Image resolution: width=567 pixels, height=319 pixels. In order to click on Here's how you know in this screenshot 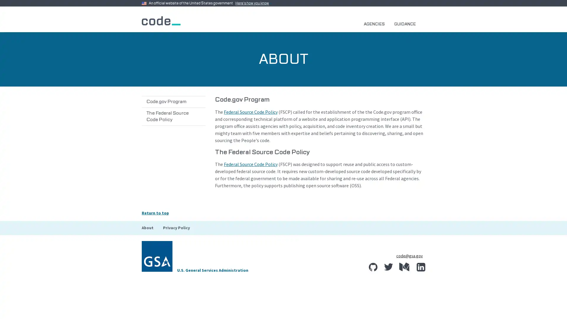, I will do `click(253, 3)`.